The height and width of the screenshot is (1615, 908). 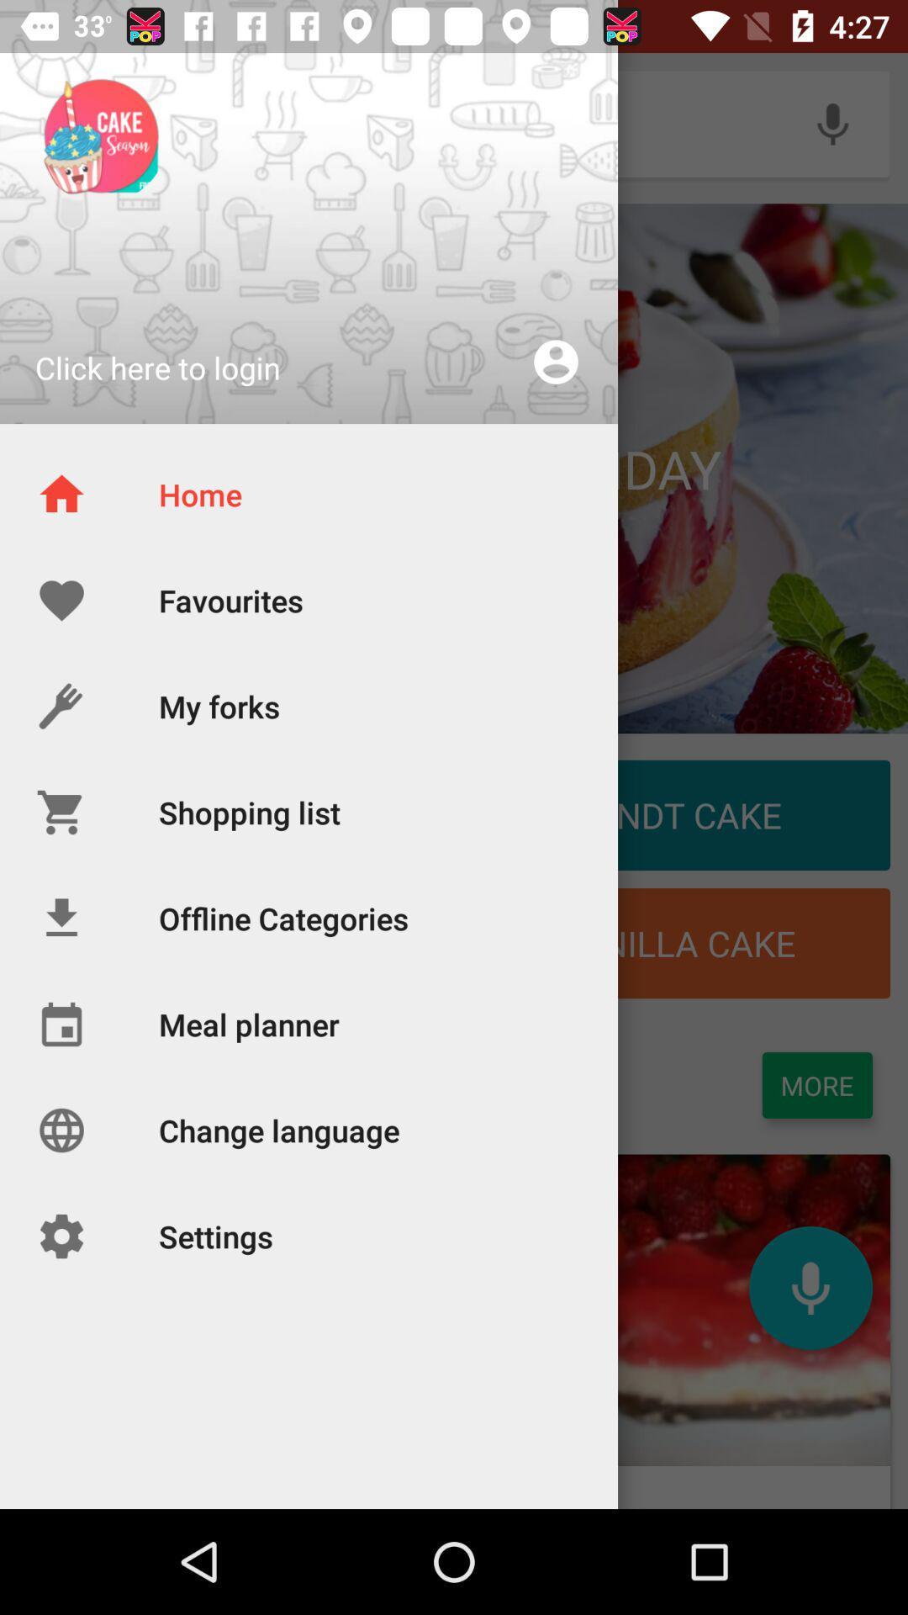 I want to click on the microphone icon, so click(x=810, y=1287).